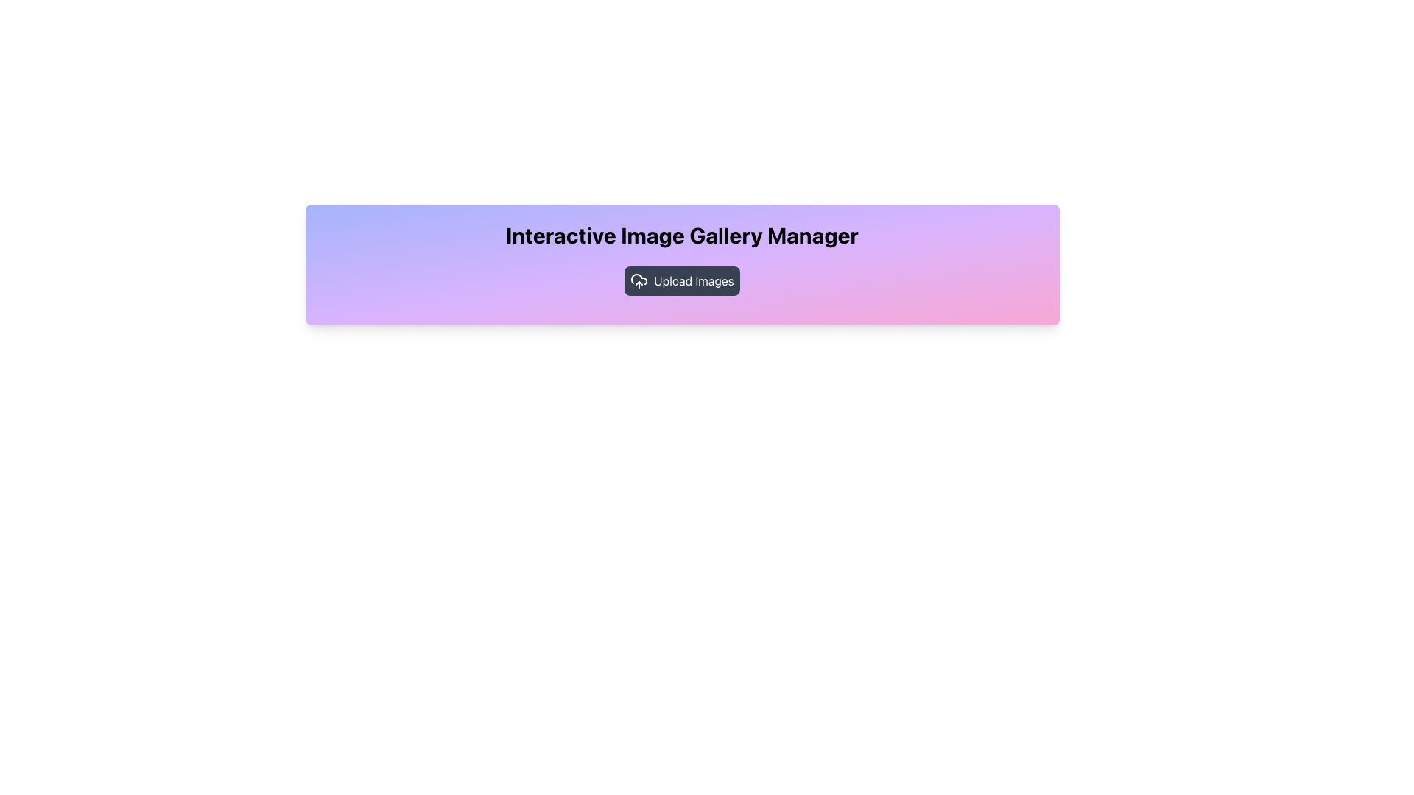  I want to click on the cloud upload icon located inside the 'Upload Images' button, so click(639, 280).